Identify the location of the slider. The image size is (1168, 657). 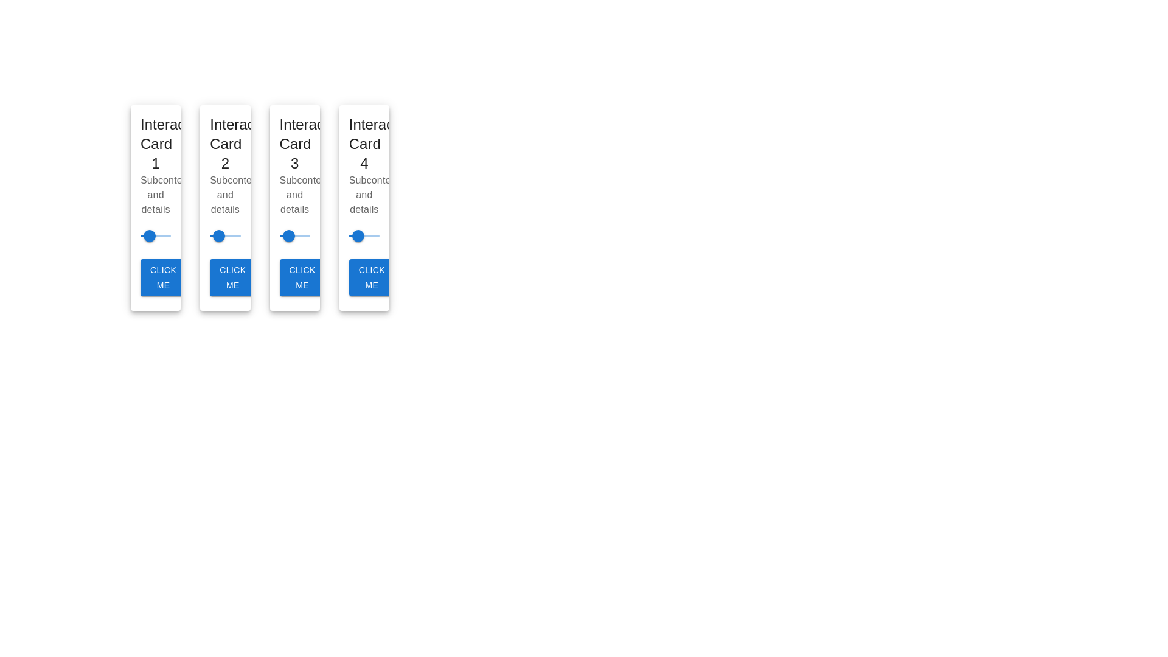
(167, 236).